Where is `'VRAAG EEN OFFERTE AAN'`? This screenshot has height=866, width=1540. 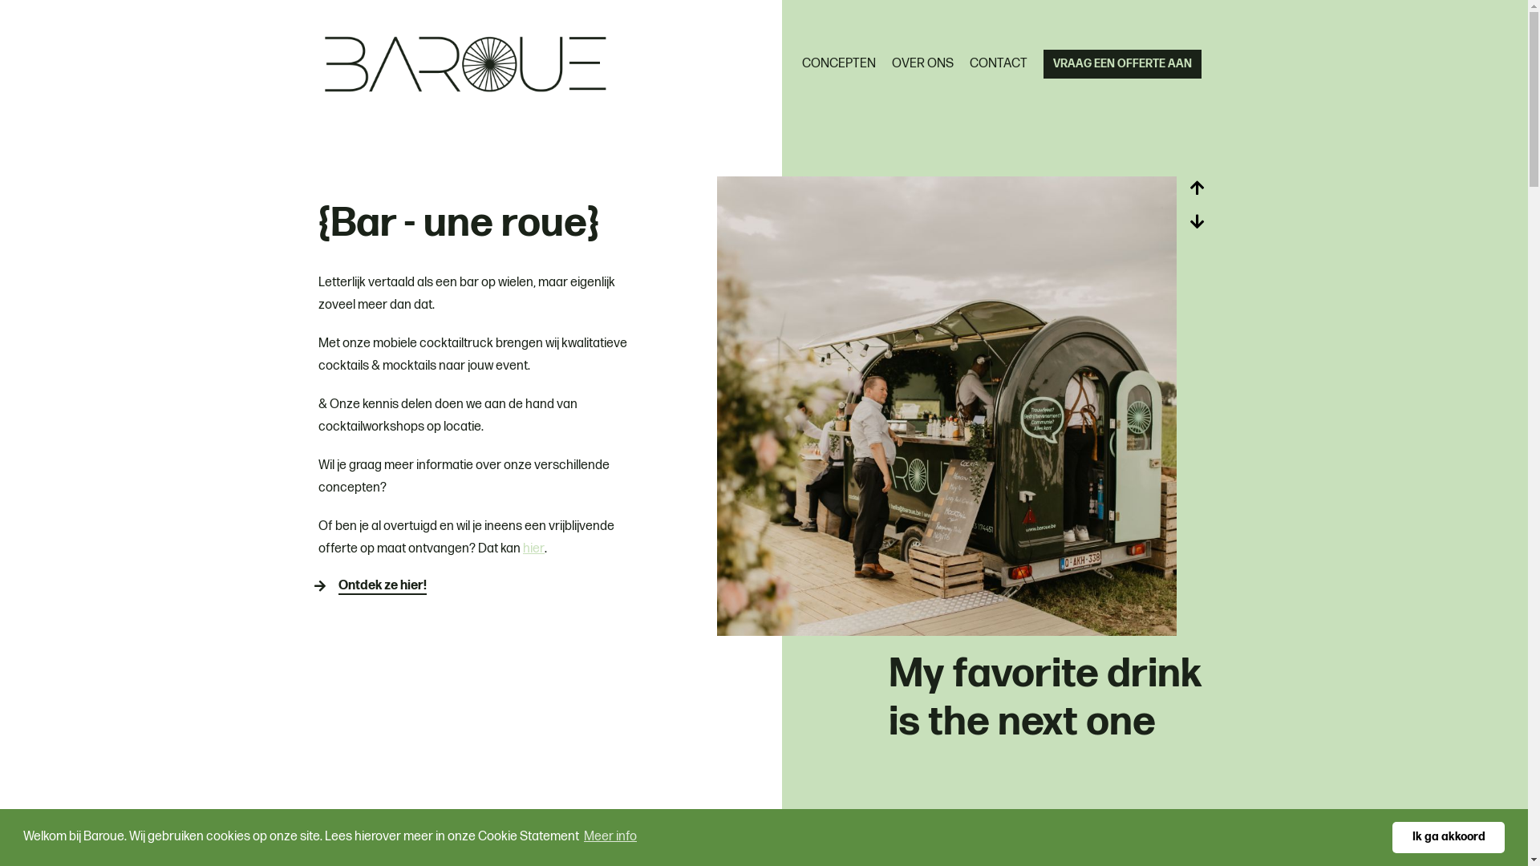 'VRAAG EEN OFFERTE AAN' is located at coordinates (1043, 63).